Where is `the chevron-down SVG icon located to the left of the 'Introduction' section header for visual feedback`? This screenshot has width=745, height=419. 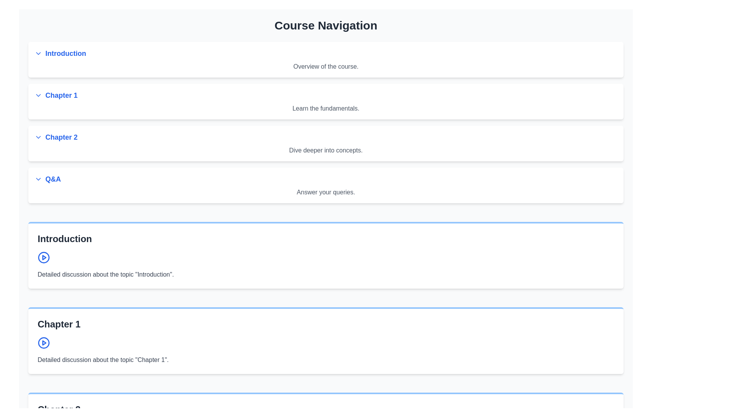 the chevron-down SVG icon located to the left of the 'Introduction' section header for visual feedback is located at coordinates (38, 53).